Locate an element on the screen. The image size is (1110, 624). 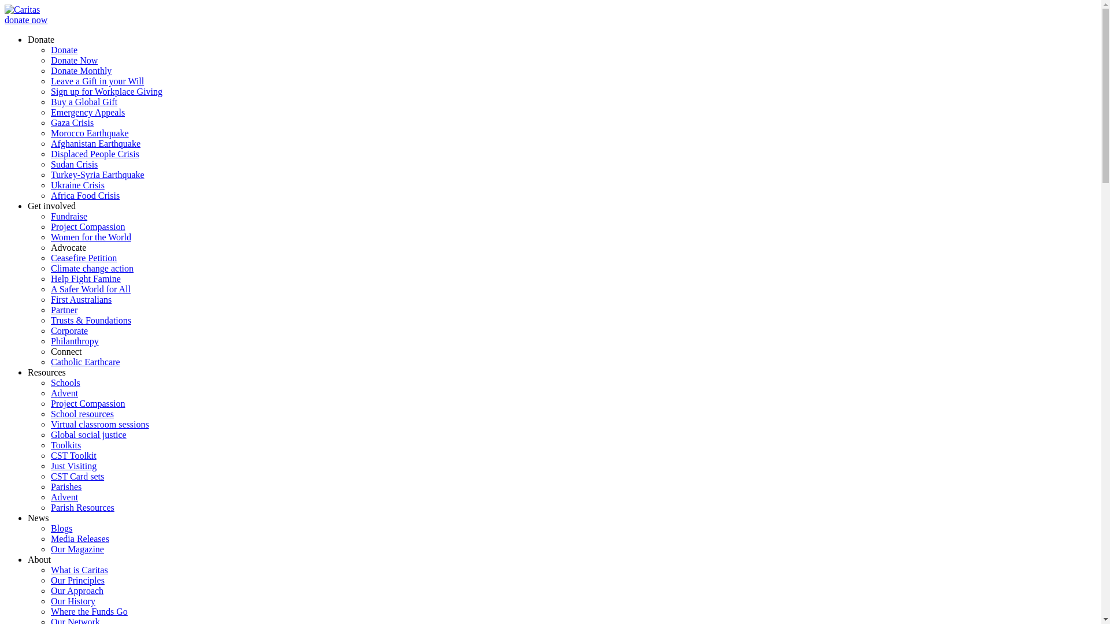
'Our Approach' is located at coordinates (76, 590).